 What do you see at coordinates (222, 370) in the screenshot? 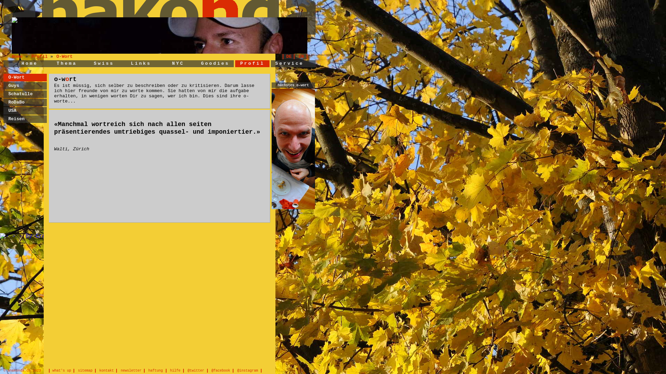
I see `'@facebook'` at bounding box center [222, 370].